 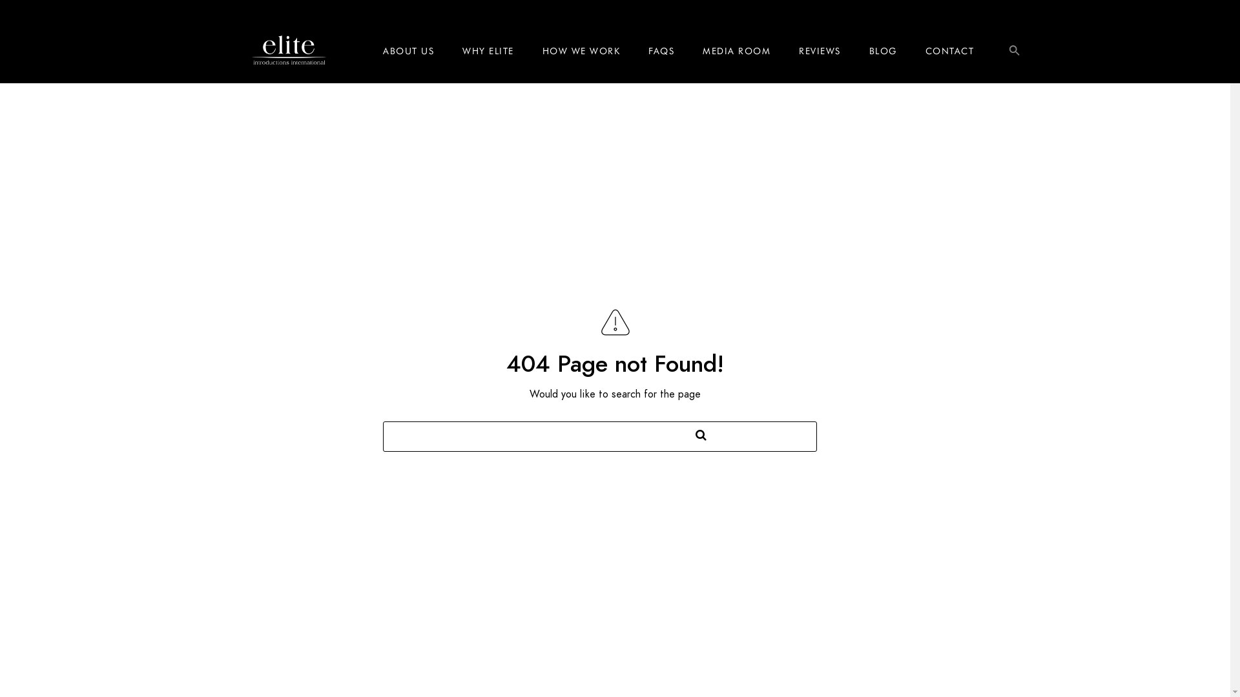 What do you see at coordinates (661, 50) in the screenshot?
I see `'FAQS'` at bounding box center [661, 50].